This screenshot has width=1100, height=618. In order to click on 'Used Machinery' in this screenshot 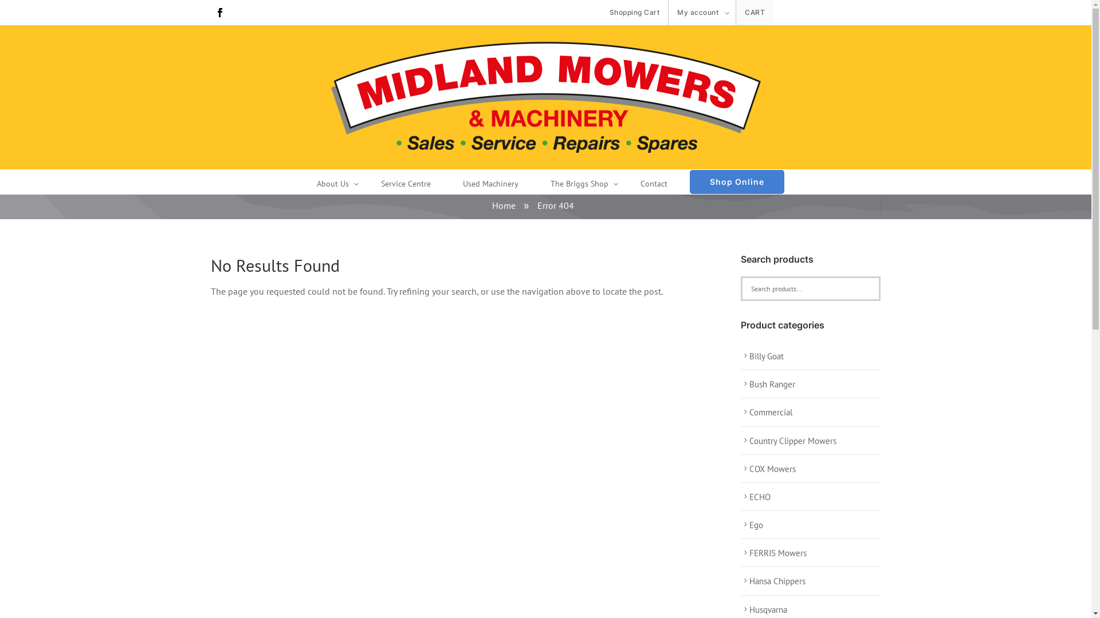, I will do `click(490, 185)`.